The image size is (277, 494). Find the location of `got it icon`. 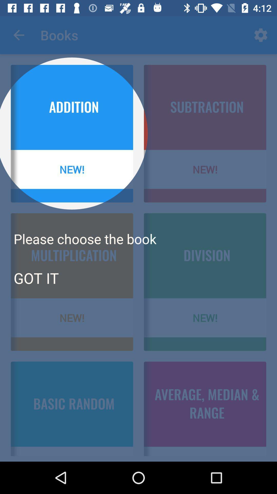

got it icon is located at coordinates (36, 278).